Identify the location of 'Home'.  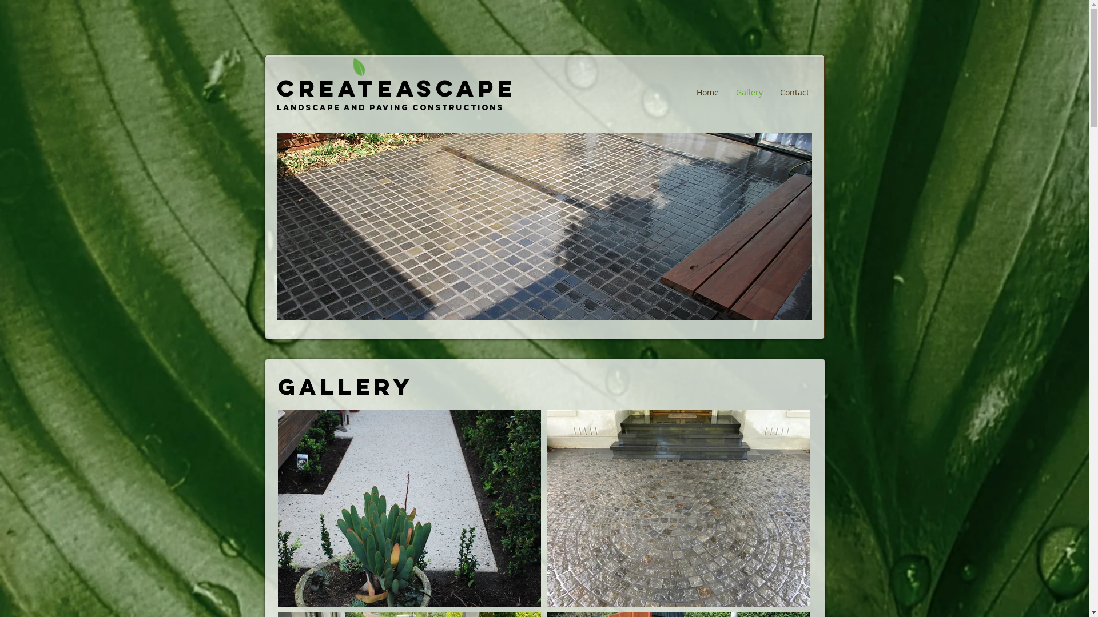
(706, 91).